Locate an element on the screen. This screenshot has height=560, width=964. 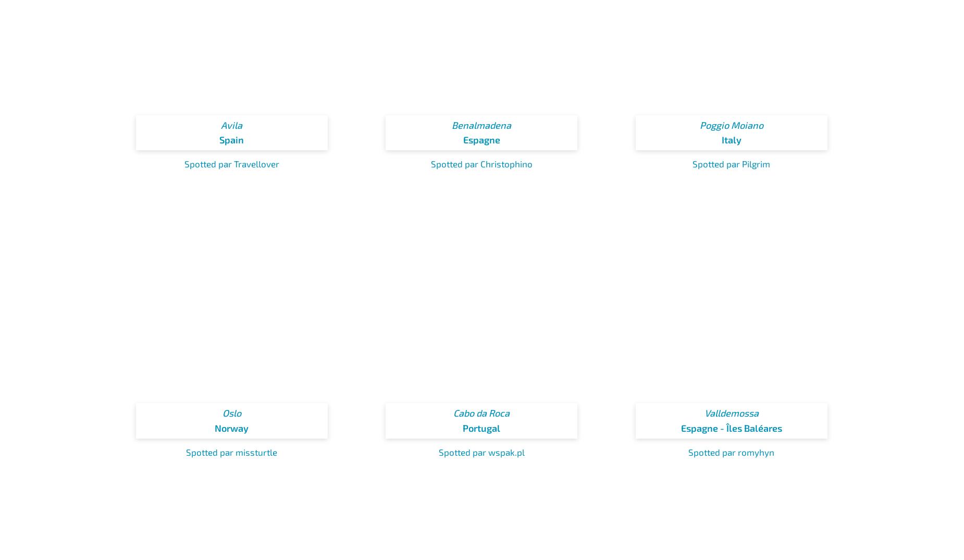
'Spain' is located at coordinates (231, 139).